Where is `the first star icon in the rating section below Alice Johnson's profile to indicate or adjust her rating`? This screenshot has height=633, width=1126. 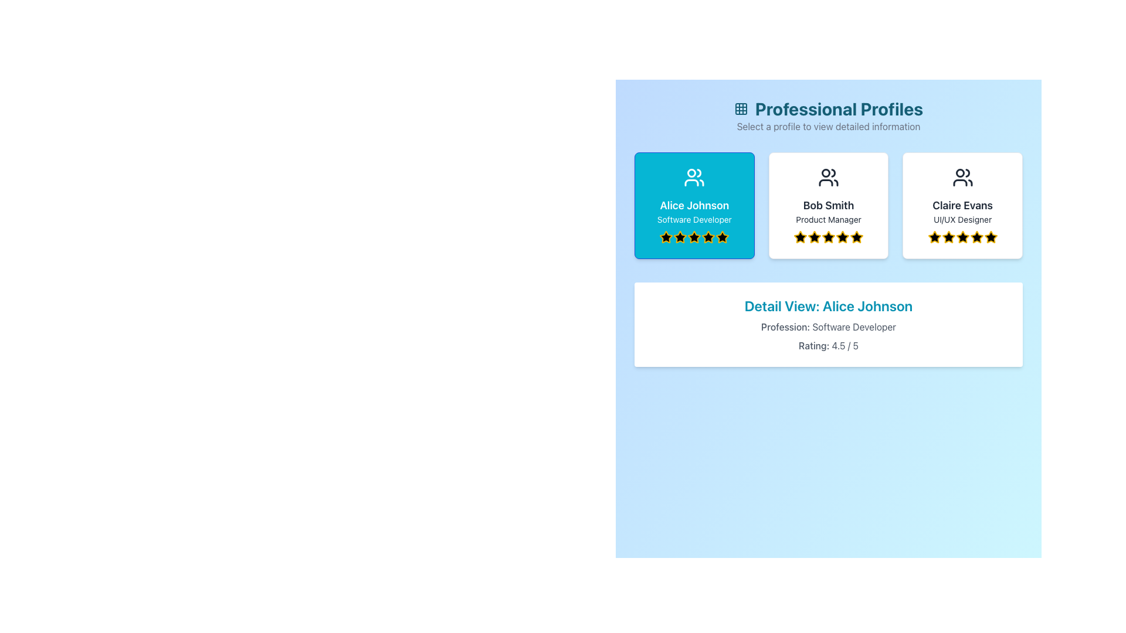
the first star icon in the rating section below Alice Johnson's profile to indicate or adjust her rating is located at coordinates (666, 237).